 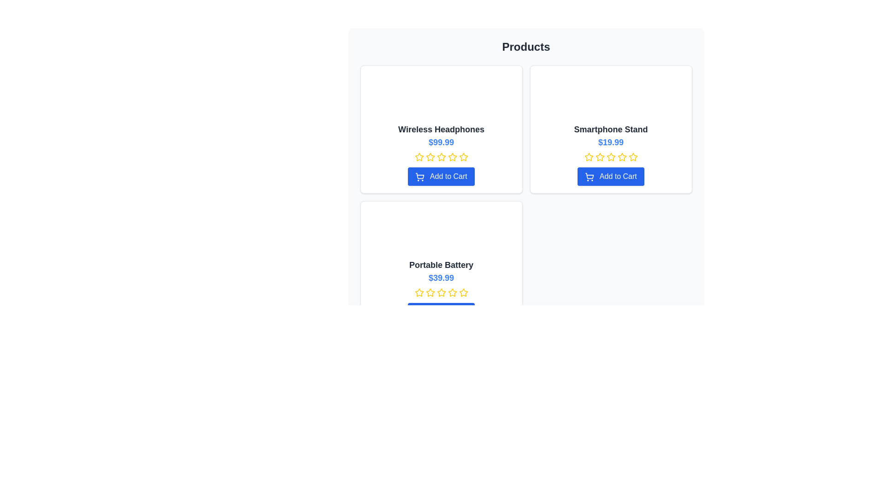 What do you see at coordinates (441, 277) in the screenshot?
I see `the price display text label located within the 'Portable Battery' product card` at bounding box center [441, 277].